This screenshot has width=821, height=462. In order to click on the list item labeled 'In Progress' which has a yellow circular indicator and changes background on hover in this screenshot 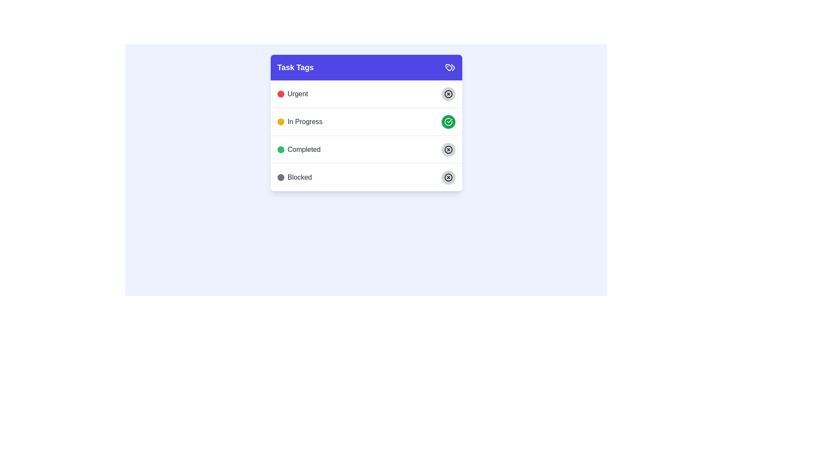, I will do `click(366, 121)`.